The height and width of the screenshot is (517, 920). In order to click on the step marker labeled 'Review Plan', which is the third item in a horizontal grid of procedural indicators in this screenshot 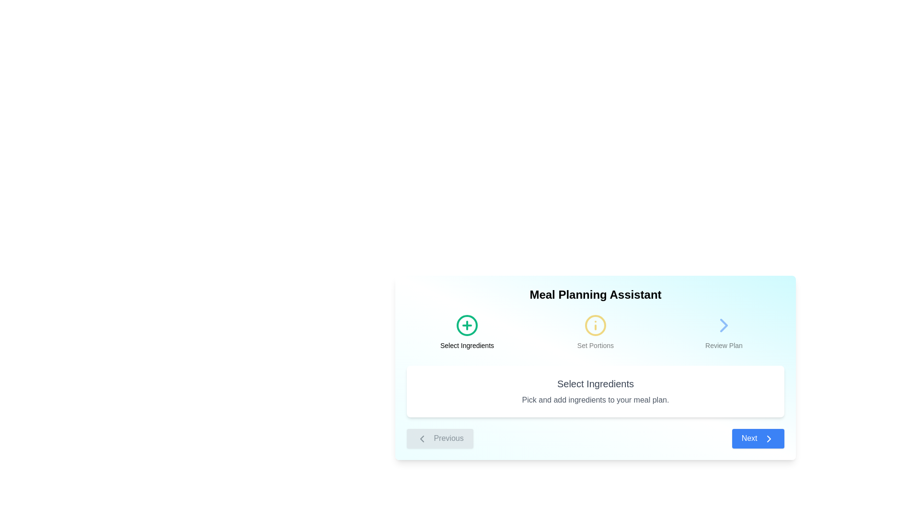, I will do `click(724, 332)`.